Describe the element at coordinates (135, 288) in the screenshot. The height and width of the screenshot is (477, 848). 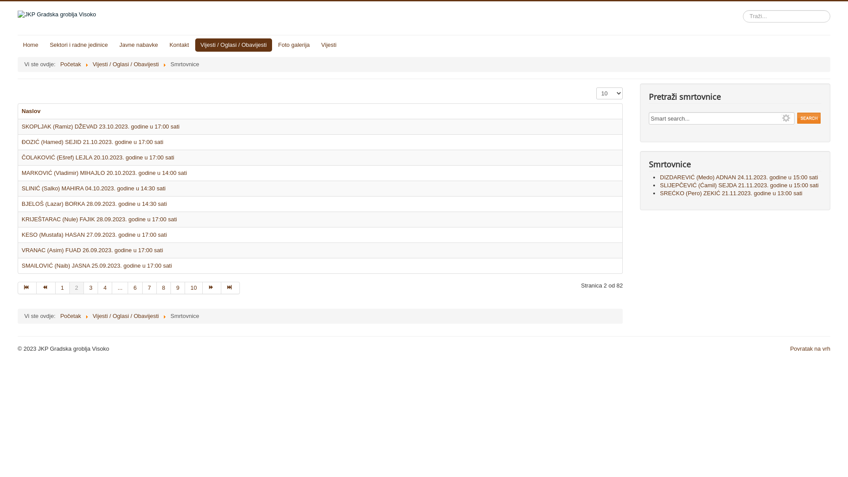
I see `'6'` at that location.